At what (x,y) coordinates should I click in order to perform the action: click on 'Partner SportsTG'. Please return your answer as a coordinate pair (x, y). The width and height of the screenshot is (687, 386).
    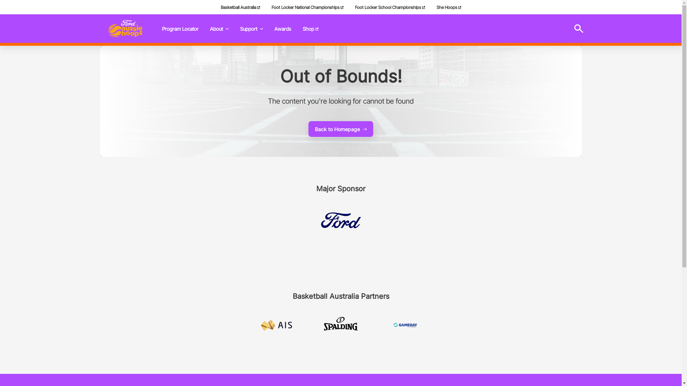
    Looking at the image, I should click on (405, 325).